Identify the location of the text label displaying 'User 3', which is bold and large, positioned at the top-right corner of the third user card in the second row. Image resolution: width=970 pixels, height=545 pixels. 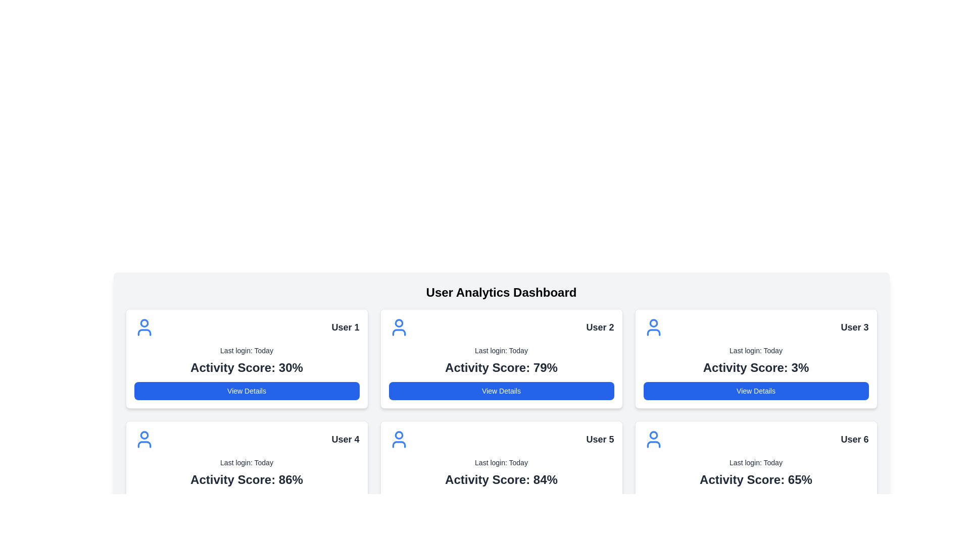
(854, 327).